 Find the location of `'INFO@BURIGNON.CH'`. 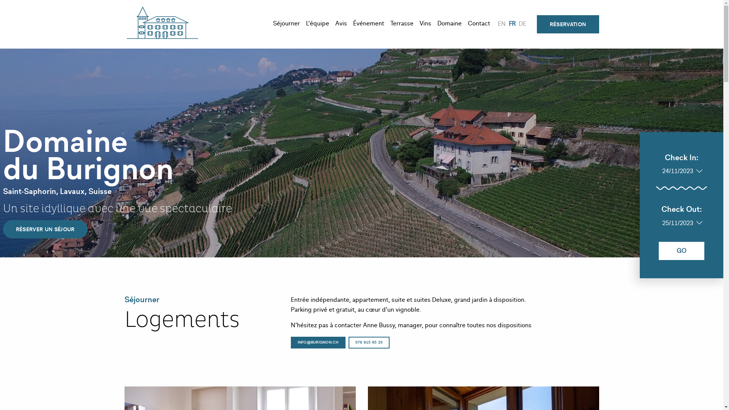

'INFO@BURIGNON.CH' is located at coordinates (318, 342).